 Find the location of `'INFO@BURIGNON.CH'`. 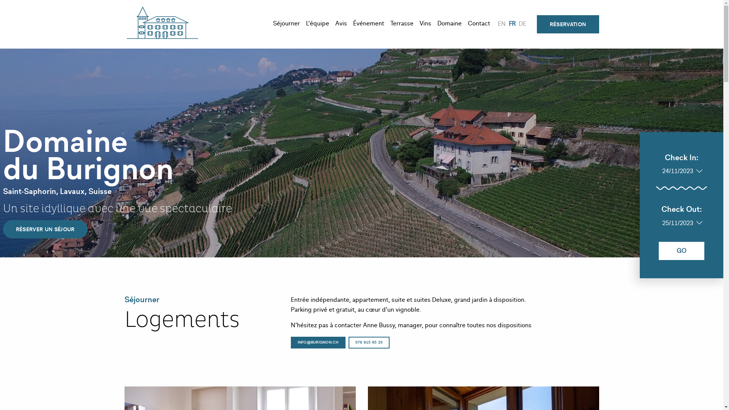

'INFO@BURIGNON.CH' is located at coordinates (318, 342).